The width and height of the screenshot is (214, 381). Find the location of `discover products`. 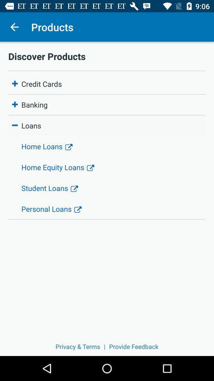

discover products is located at coordinates (107, 56).